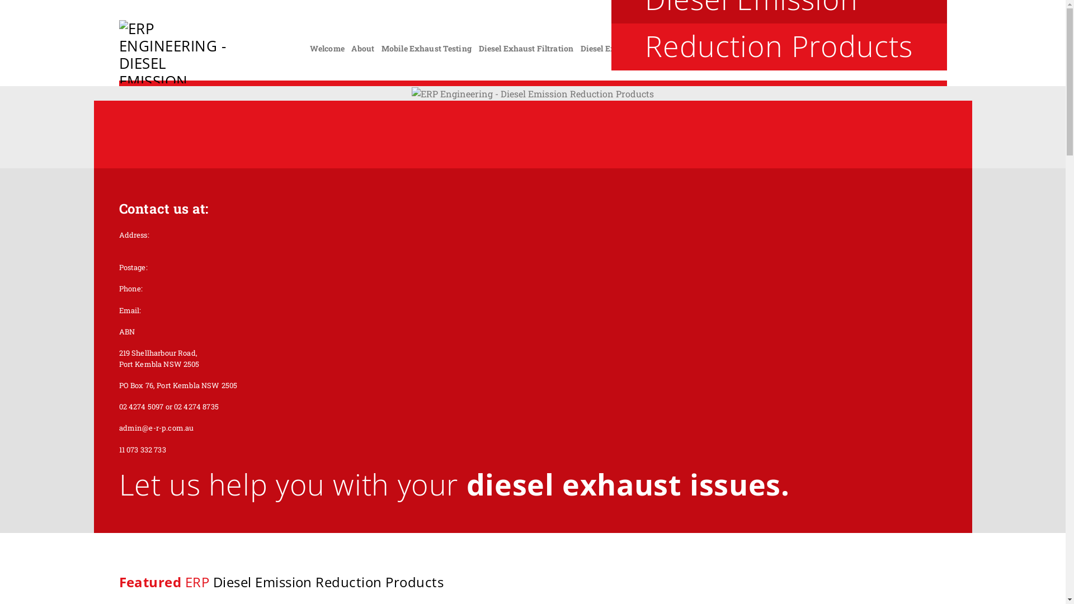  Describe the element at coordinates (632, 48) in the screenshot. I see `'Diesel Exhaust Monitoring'` at that location.